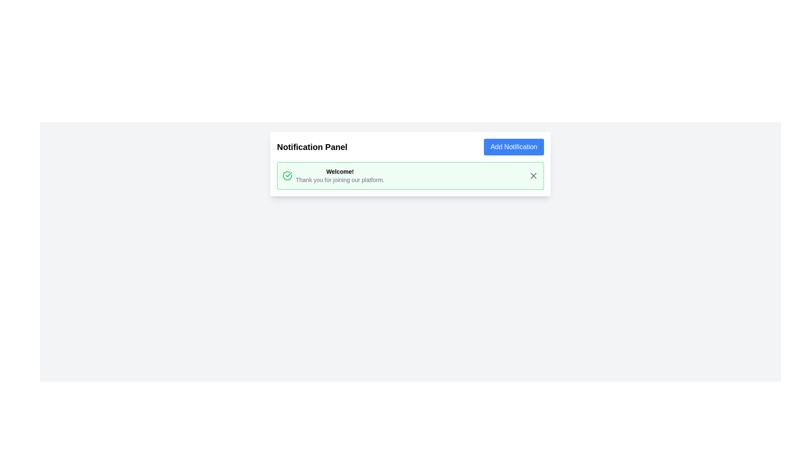  Describe the element at coordinates (340, 171) in the screenshot. I see `the bold, black text saying 'Welcome!' displayed in a light green notification card to possibly see additional styles` at that location.